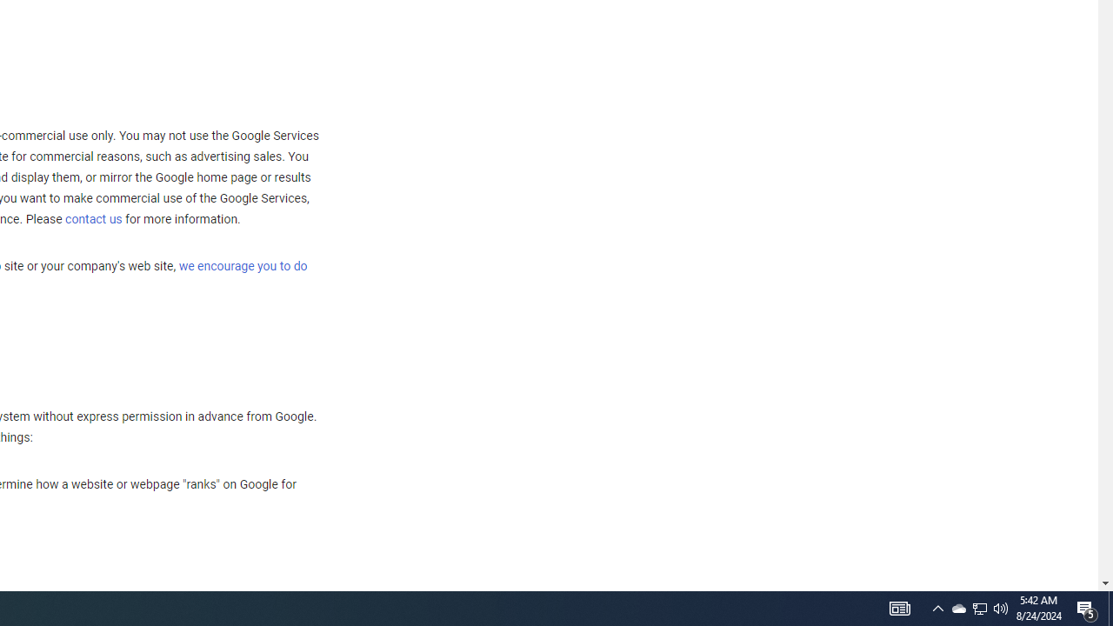 This screenshot has width=1113, height=626. I want to click on 'contact us', so click(93, 217).